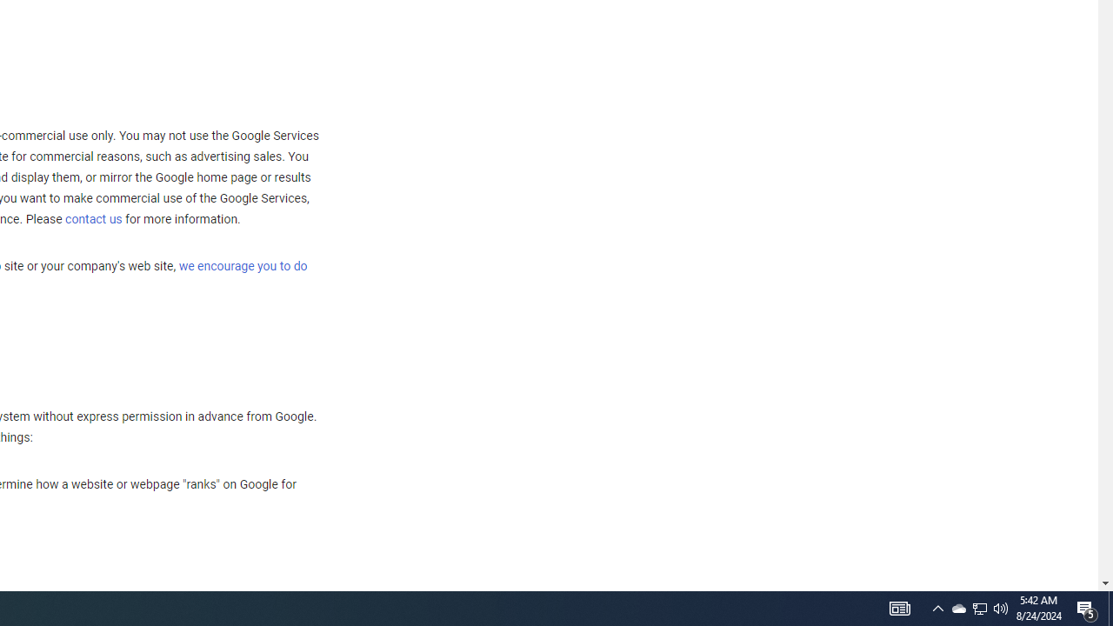 This screenshot has width=1113, height=626. I want to click on 'contact us', so click(93, 217).